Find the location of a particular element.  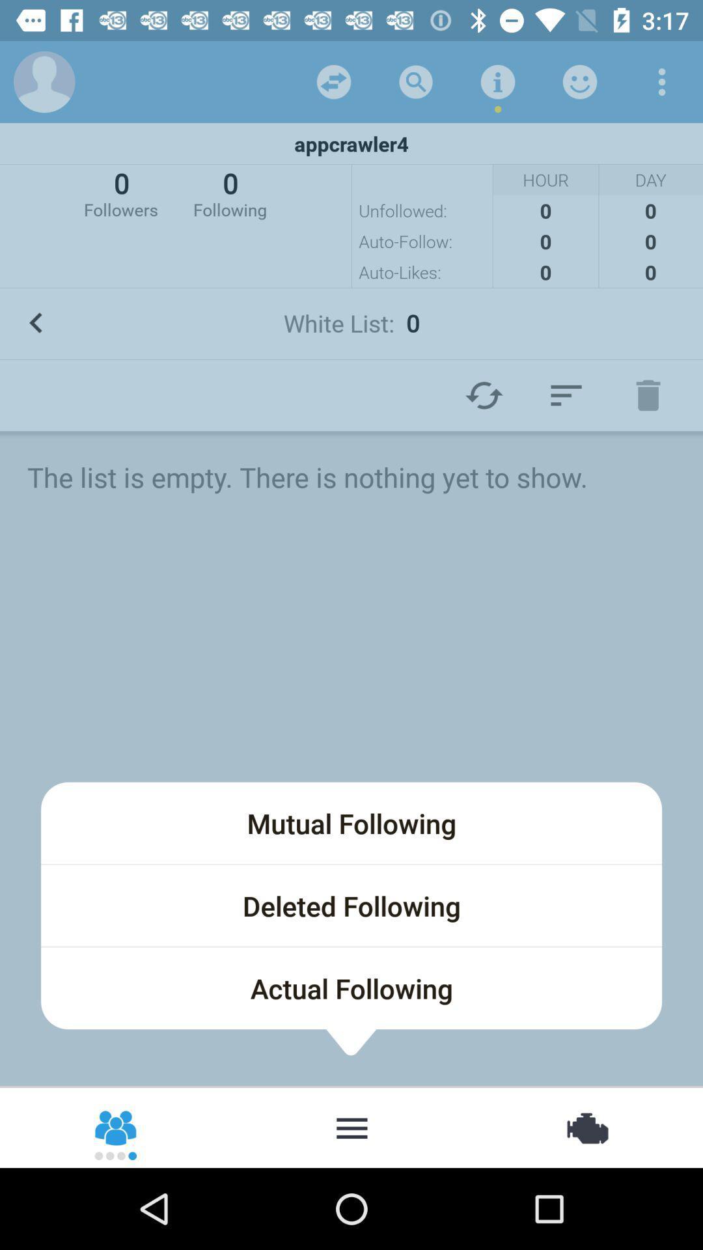

search option is located at coordinates (416, 81).